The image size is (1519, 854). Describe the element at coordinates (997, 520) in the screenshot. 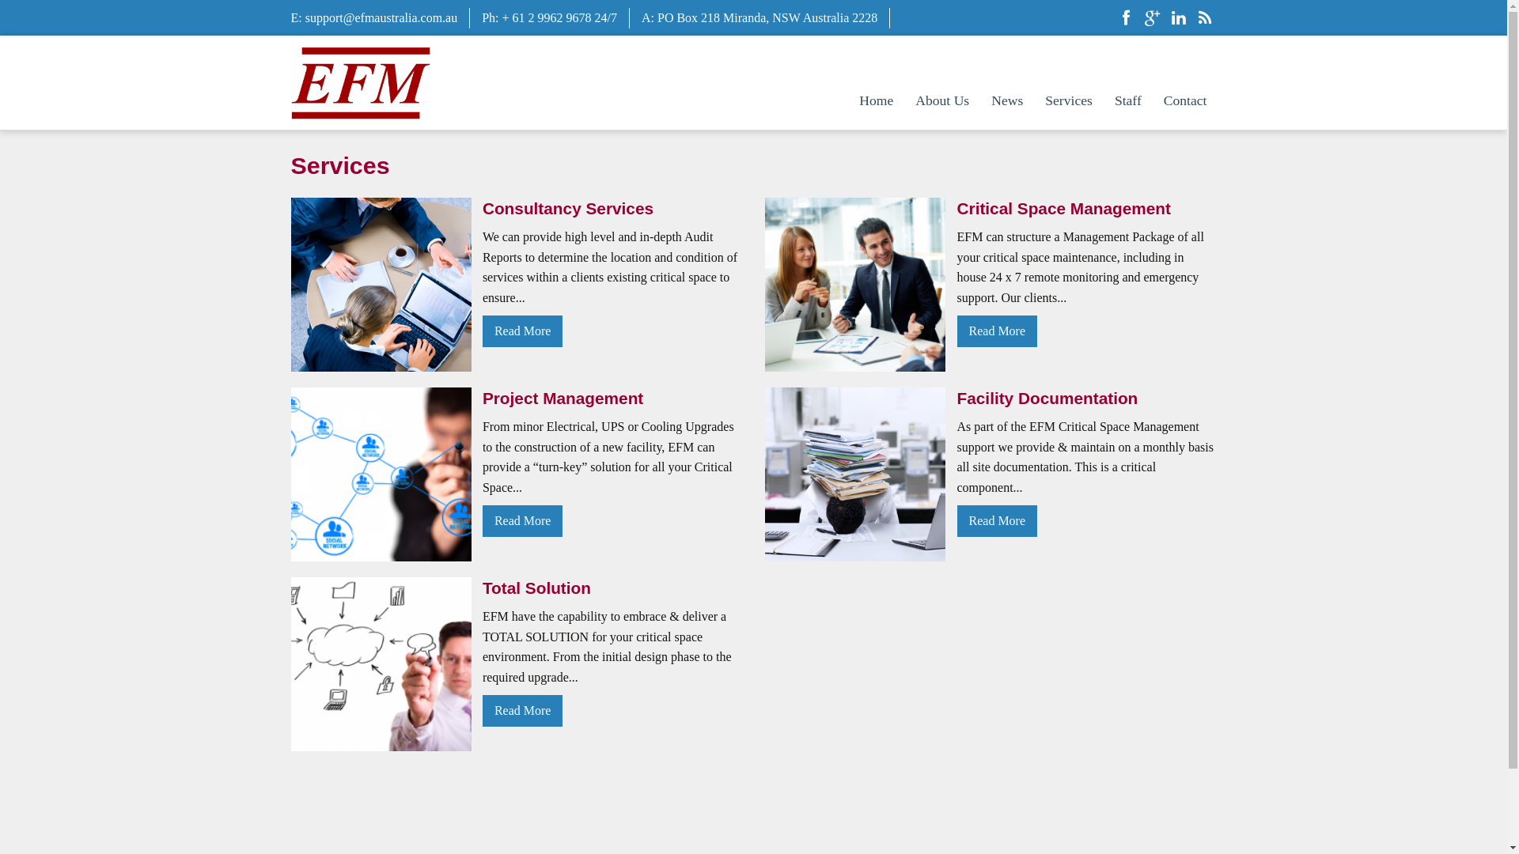

I see `'Read More'` at that location.